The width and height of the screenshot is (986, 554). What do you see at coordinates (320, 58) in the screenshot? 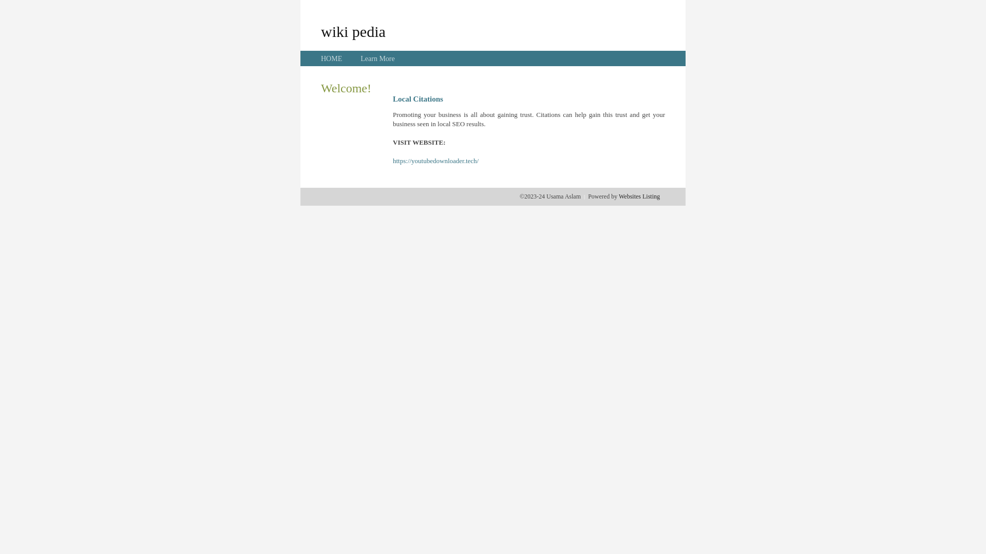
I see `'HOME'` at bounding box center [320, 58].